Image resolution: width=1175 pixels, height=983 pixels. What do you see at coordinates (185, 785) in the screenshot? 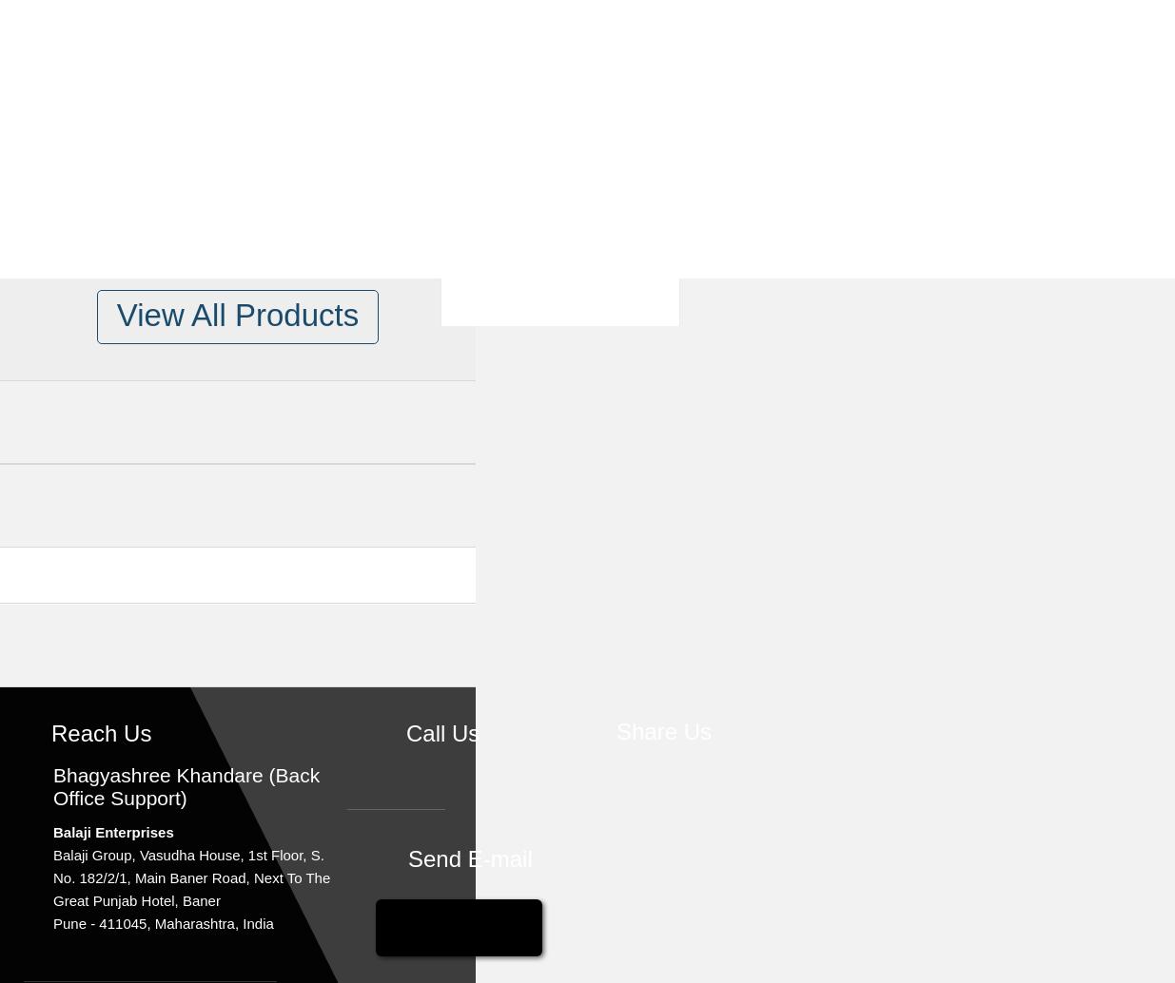
I see `'Bhagyashree Khandare (Back Office Support)'` at bounding box center [185, 785].